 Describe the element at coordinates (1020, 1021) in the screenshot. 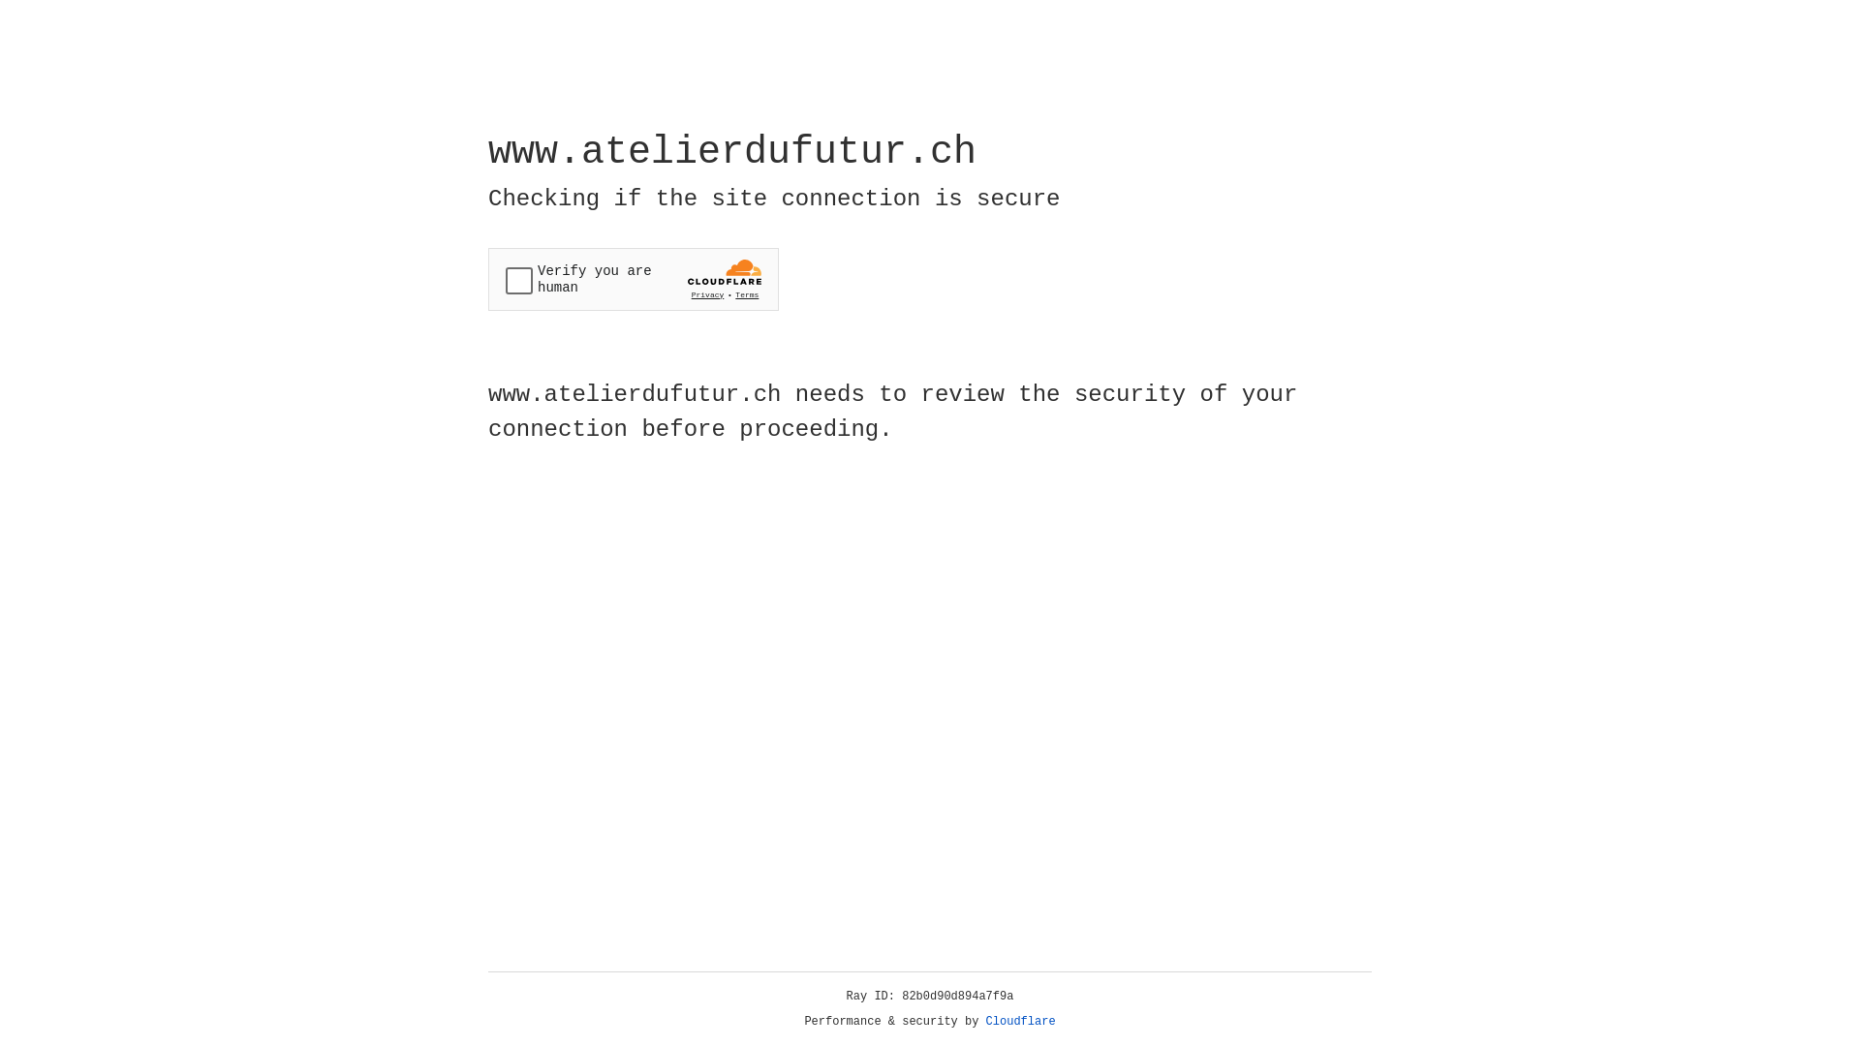

I see `'Cloudflare'` at that location.